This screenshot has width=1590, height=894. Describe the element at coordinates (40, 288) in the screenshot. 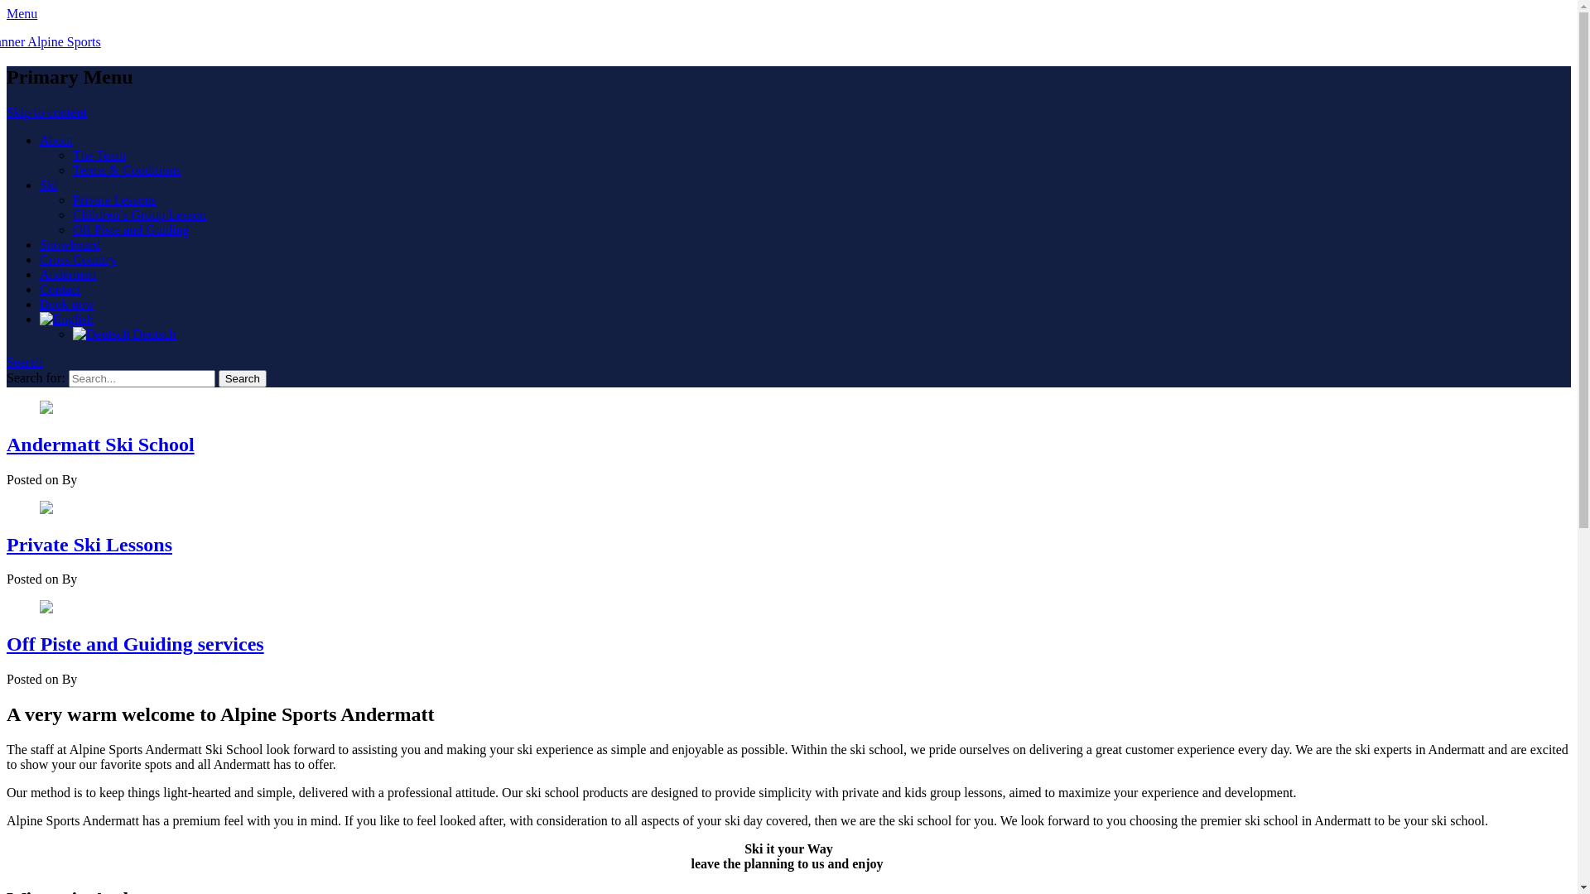

I see `'Contact'` at that location.